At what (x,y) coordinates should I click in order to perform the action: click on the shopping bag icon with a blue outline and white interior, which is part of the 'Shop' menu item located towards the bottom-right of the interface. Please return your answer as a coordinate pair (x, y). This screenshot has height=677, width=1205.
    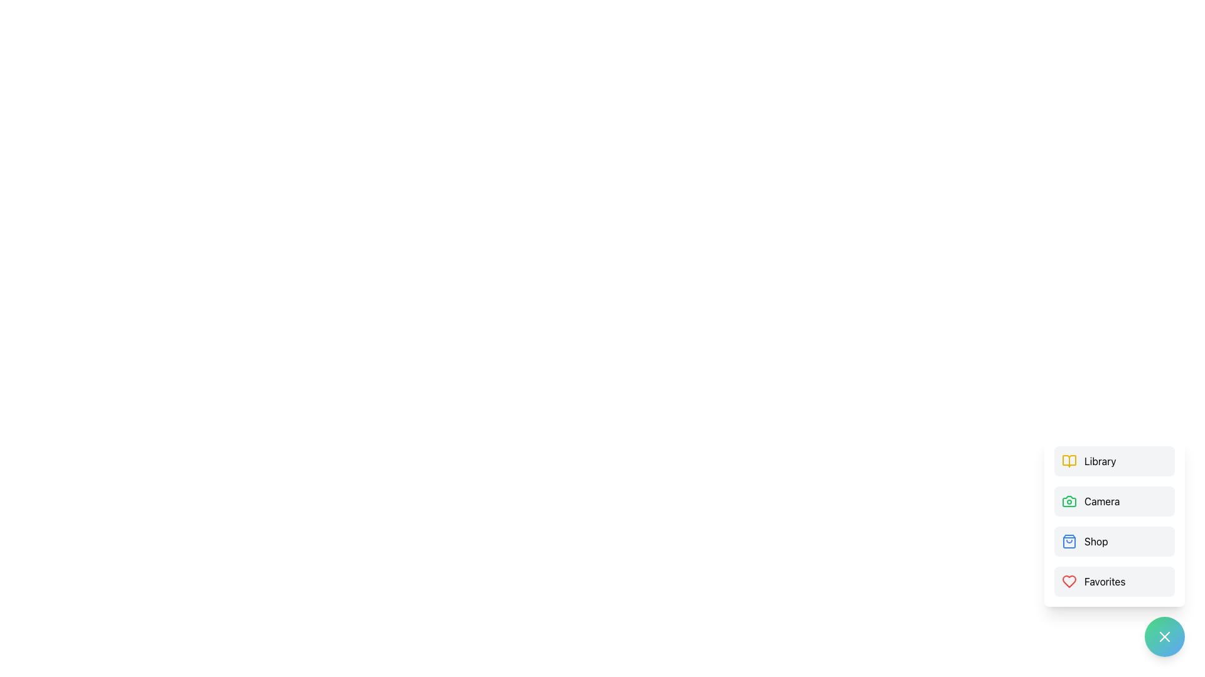
    Looking at the image, I should click on (1069, 541).